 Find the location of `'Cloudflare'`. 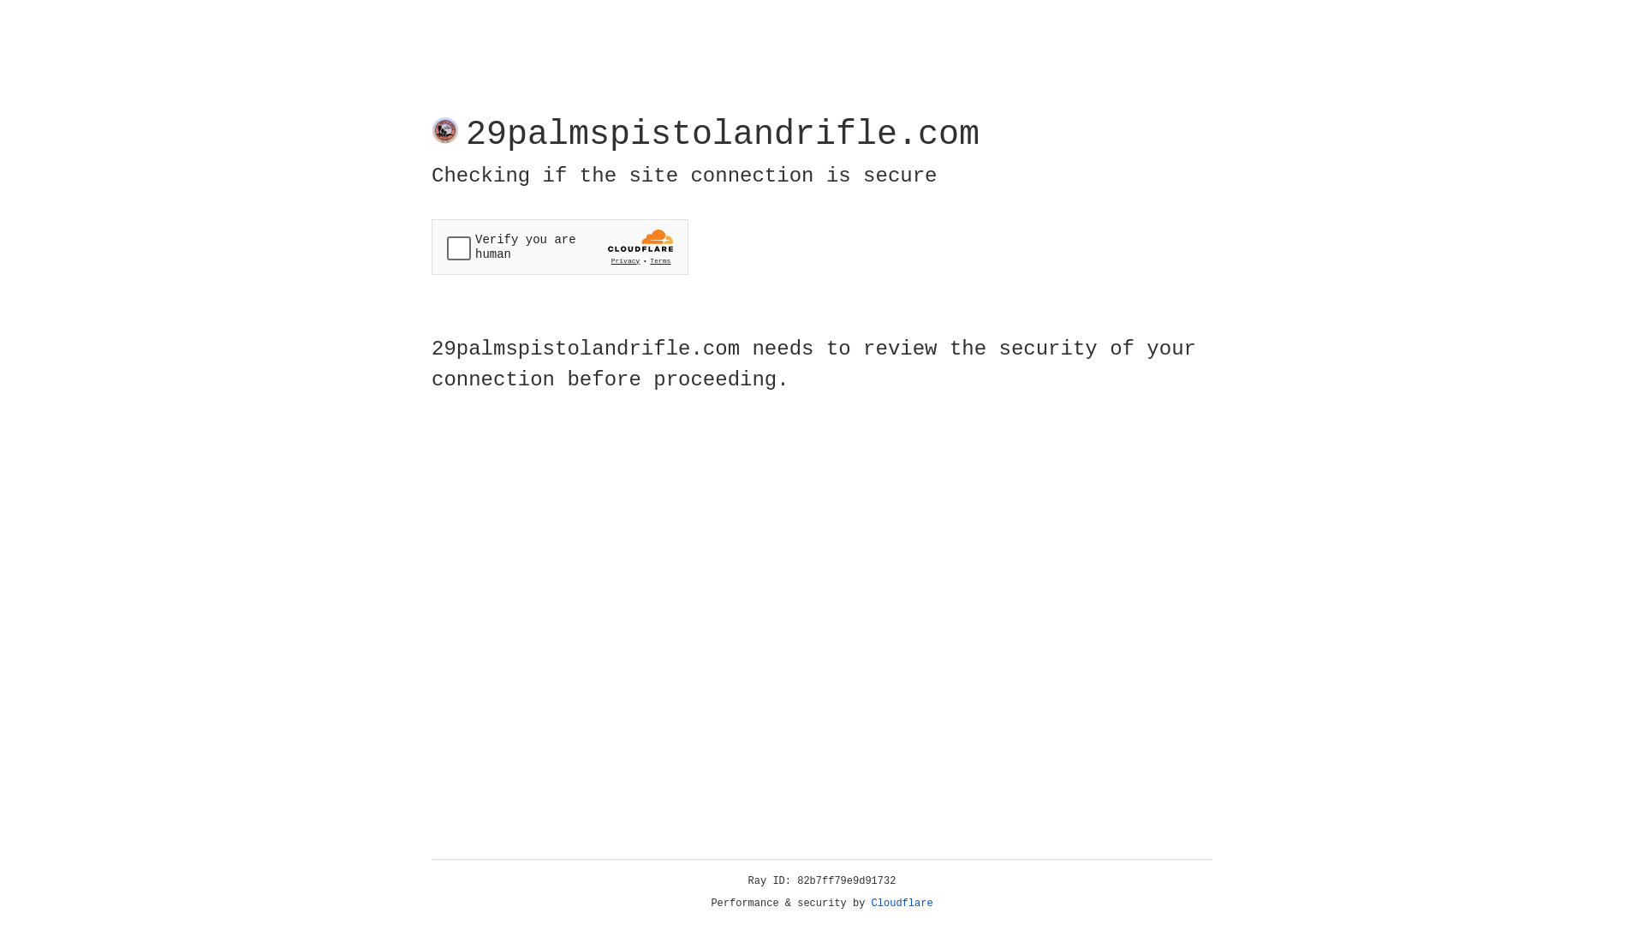

'Cloudflare' is located at coordinates (902, 903).